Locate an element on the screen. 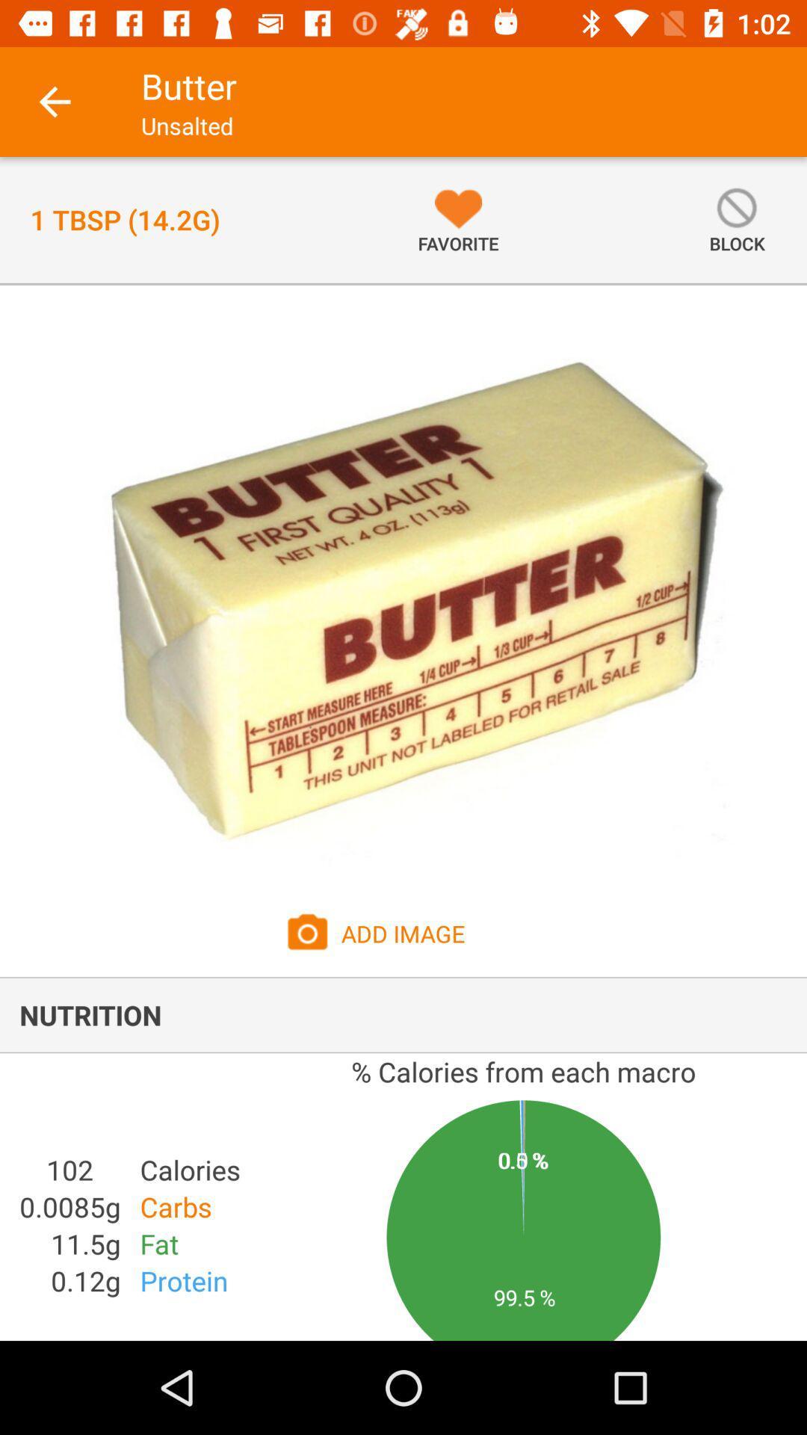 This screenshot has width=807, height=1435. icon next to favorite is located at coordinates (736, 219).